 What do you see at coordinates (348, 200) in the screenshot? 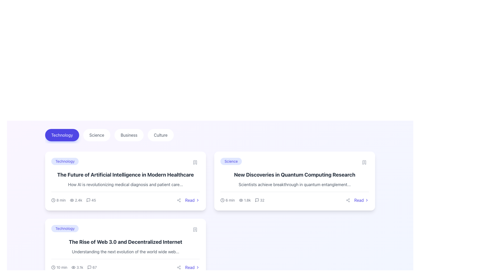
I see `the share button located to the left of the 'Read' text link in the bottom-right corner of the 'New Discoveries in Quantum Computing Research' card` at bounding box center [348, 200].